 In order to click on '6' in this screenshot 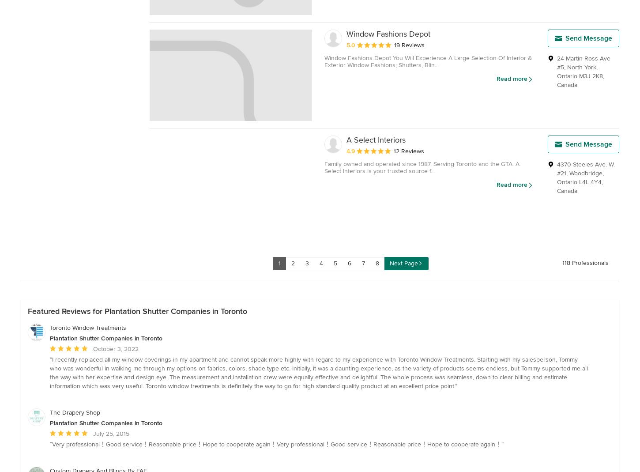, I will do `click(349, 263)`.